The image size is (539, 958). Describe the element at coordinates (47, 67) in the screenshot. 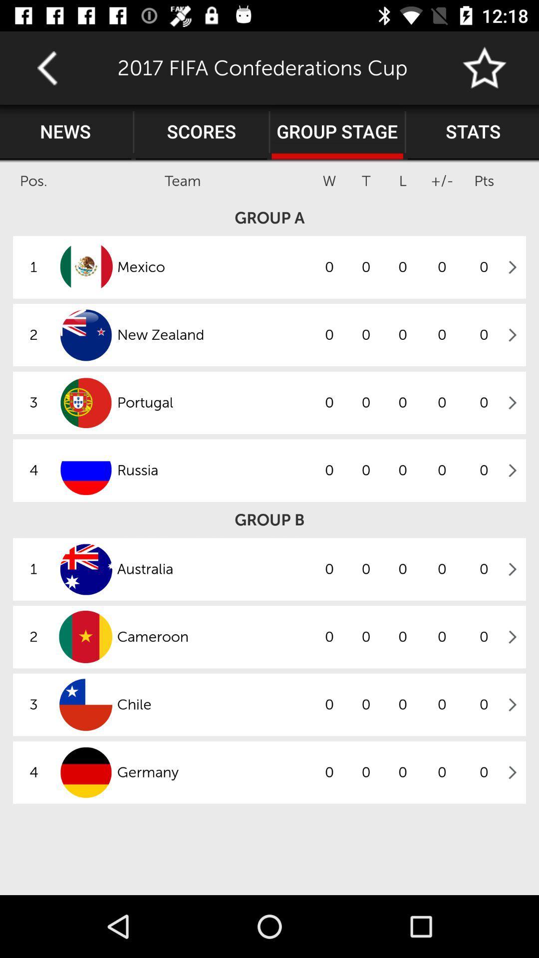

I see `go back` at that location.